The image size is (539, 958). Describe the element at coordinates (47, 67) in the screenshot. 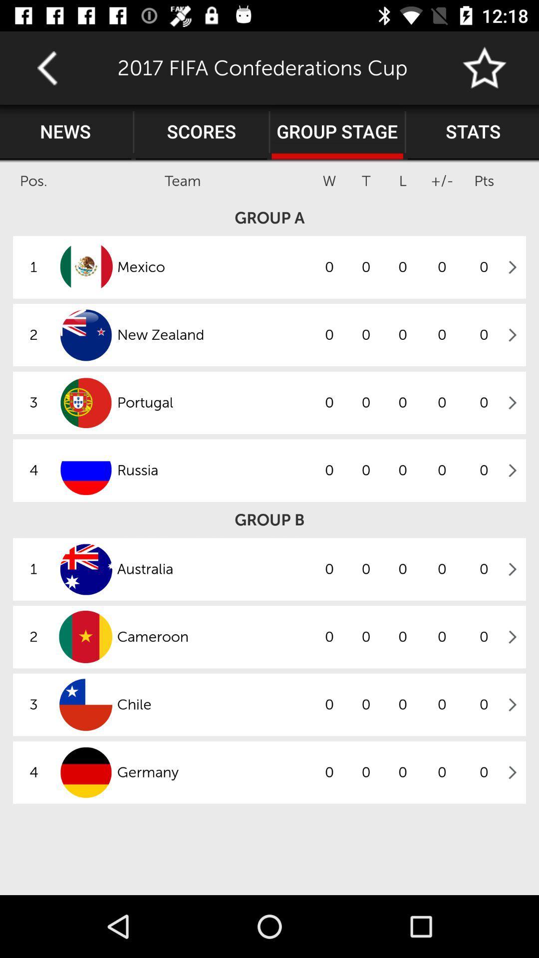

I see `go back` at that location.